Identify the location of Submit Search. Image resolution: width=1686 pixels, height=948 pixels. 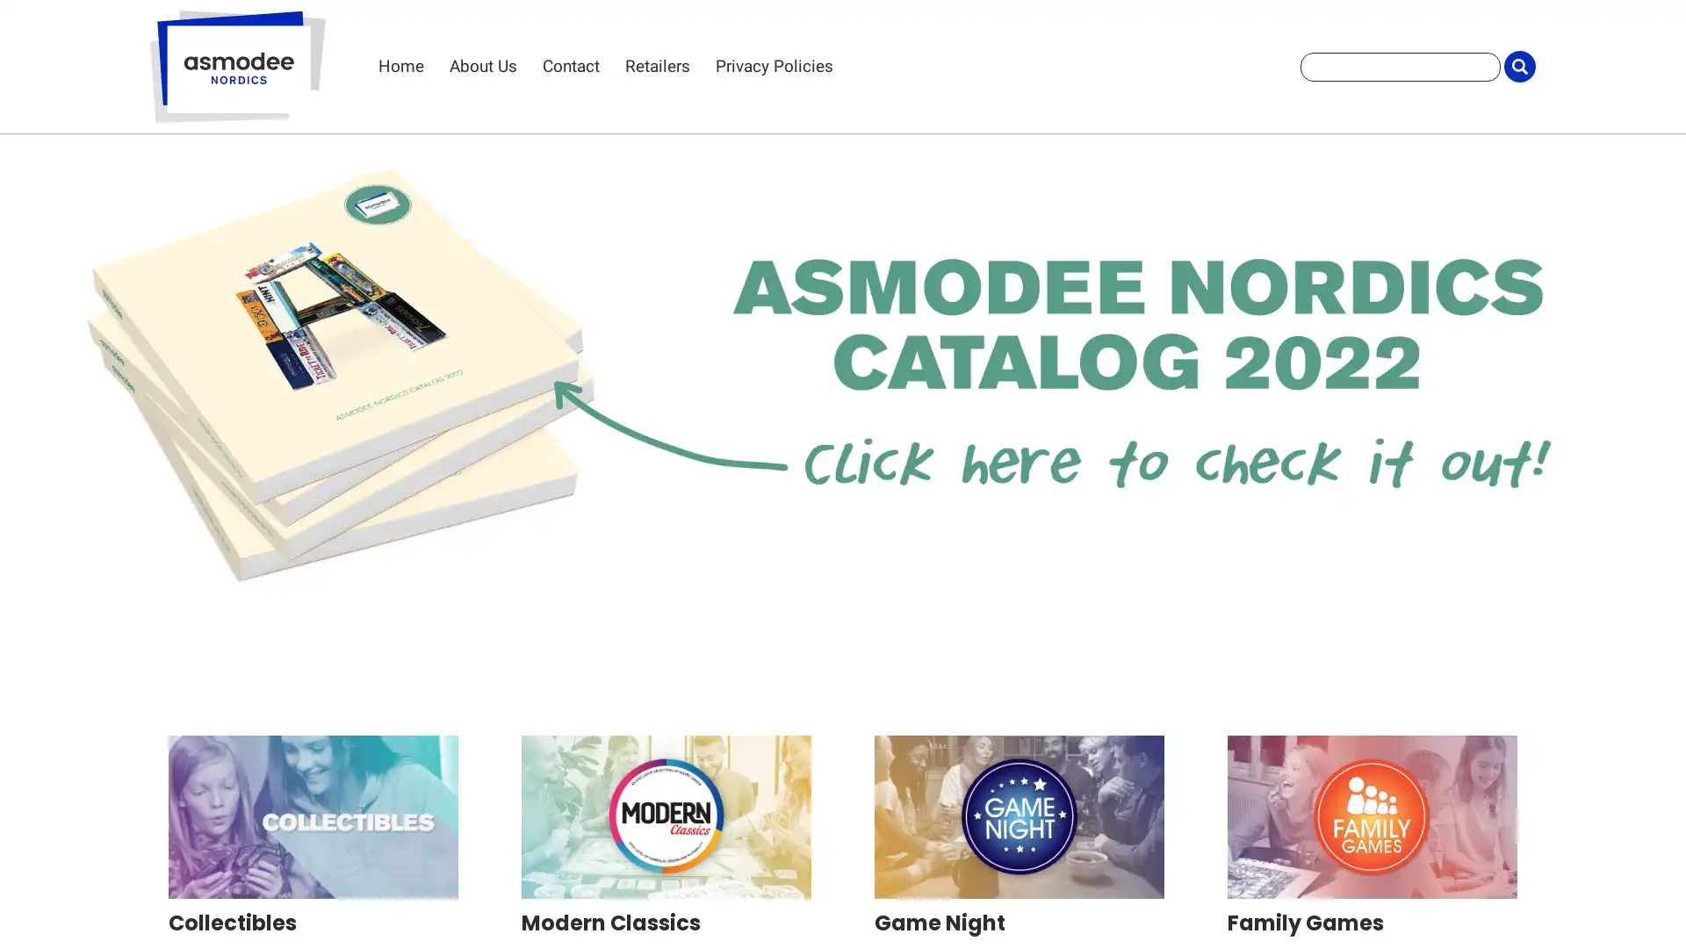
(1519, 66).